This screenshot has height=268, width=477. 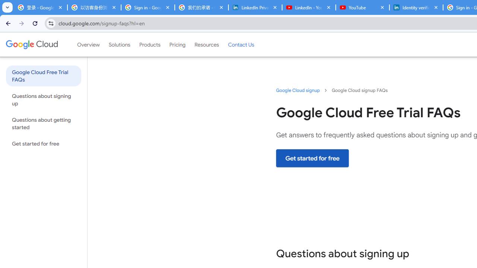 What do you see at coordinates (148, 7) in the screenshot?
I see `'Sign in - Google Accounts'` at bounding box center [148, 7].